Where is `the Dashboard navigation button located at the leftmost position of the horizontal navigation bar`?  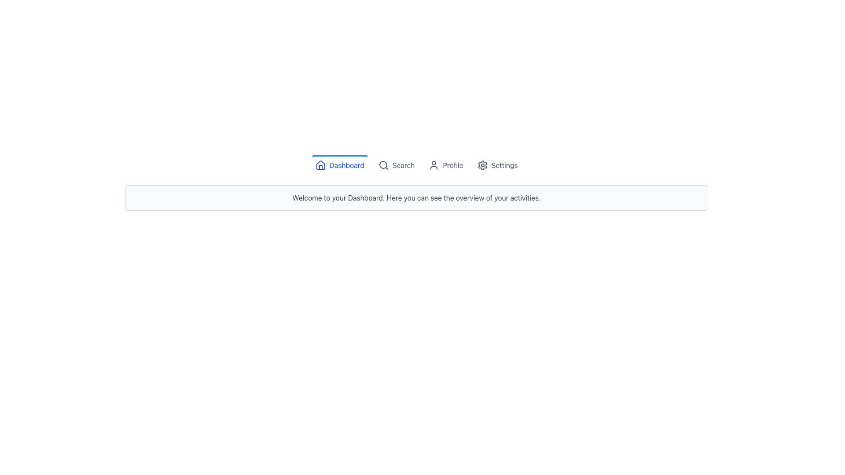 the Dashboard navigation button located at the leftmost position of the horizontal navigation bar is located at coordinates (339, 164).